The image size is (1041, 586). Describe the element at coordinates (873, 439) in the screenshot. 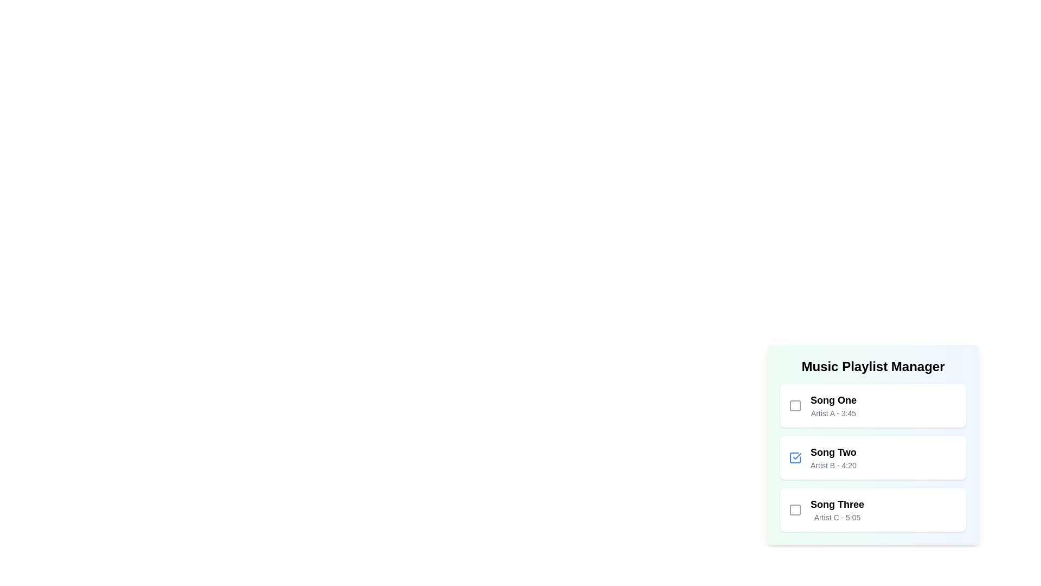

I see `the checkbox of the second playlist item, 'Song Two' by 'Artist B', in the Music Playlist Manager` at that location.